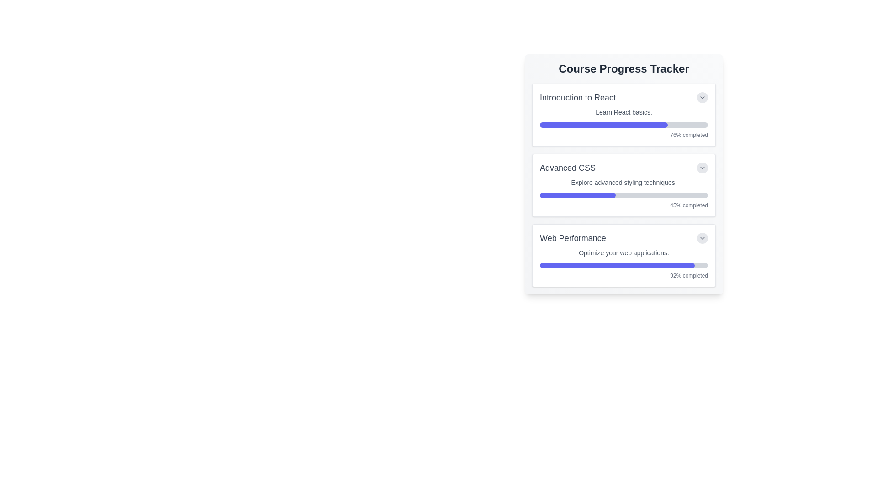 The width and height of the screenshot is (877, 493). What do you see at coordinates (623, 125) in the screenshot?
I see `the progress visually by interacting with the progress bar that indicates 76% completion of the 'Introduction to React' course, located within the corresponding card` at bounding box center [623, 125].